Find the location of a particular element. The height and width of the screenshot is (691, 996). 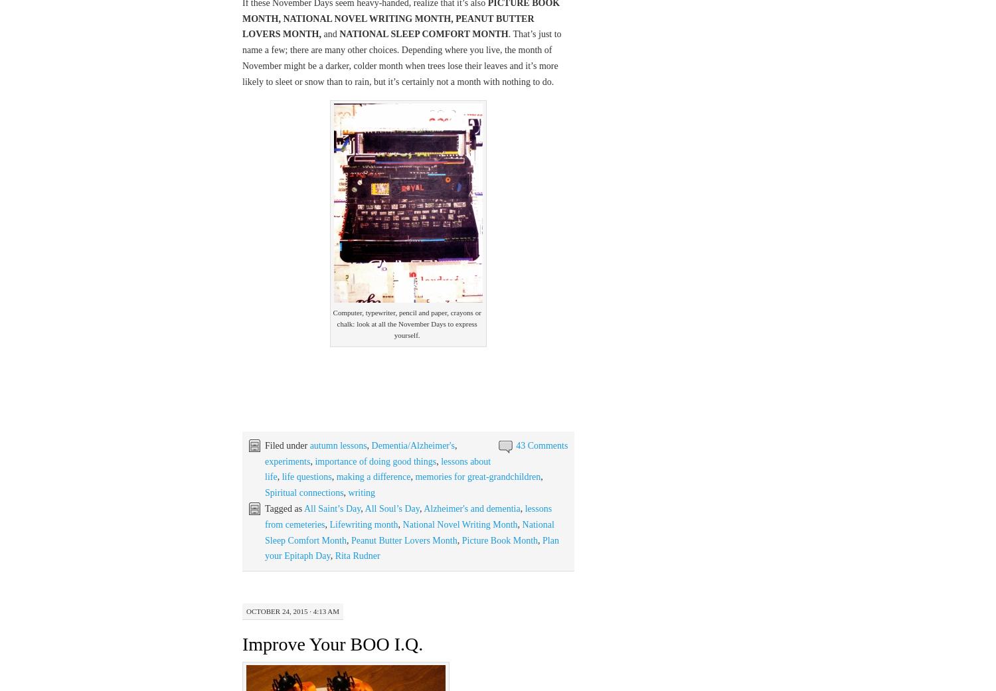

'Filed under' is located at coordinates (287, 444).